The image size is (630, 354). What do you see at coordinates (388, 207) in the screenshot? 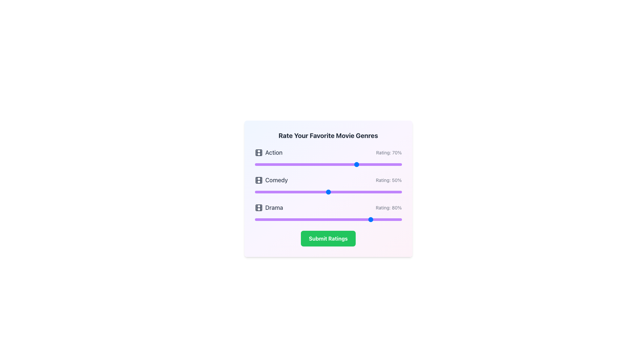
I see `the Text Label displaying the rating value of 80% for the 'Drama' genre, which is located beside the 'Drama' slider in the bottom row of a three-row vertical layout` at bounding box center [388, 207].